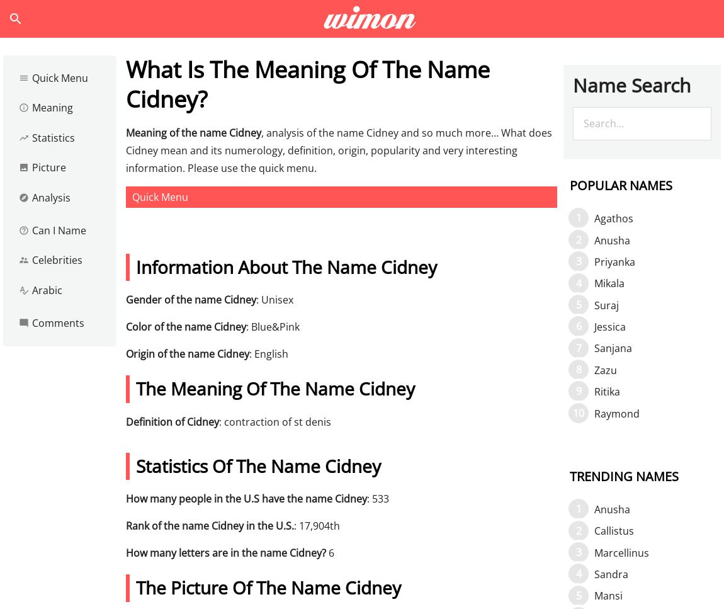  Describe the element at coordinates (57, 322) in the screenshot. I see `'Comments'` at that location.